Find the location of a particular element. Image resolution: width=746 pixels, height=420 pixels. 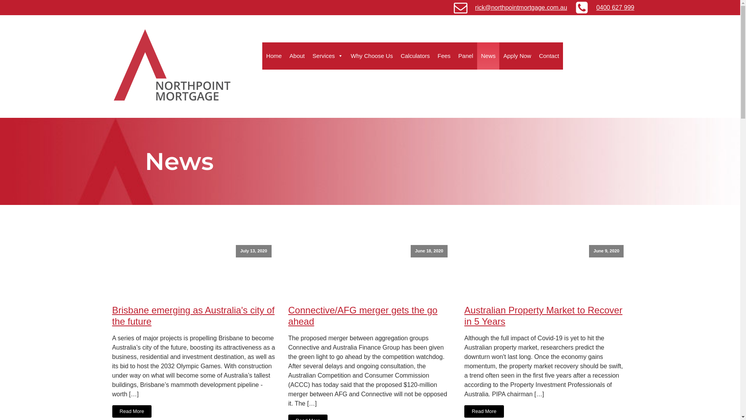

'Australian Property Market to Recover in 5 Years' is located at coordinates (546, 316).